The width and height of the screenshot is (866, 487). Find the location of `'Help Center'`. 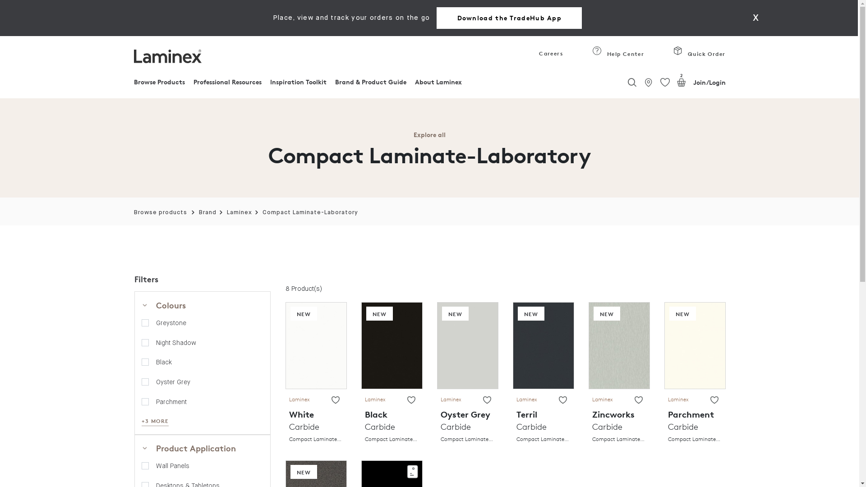

'Help Center' is located at coordinates (597, 51).